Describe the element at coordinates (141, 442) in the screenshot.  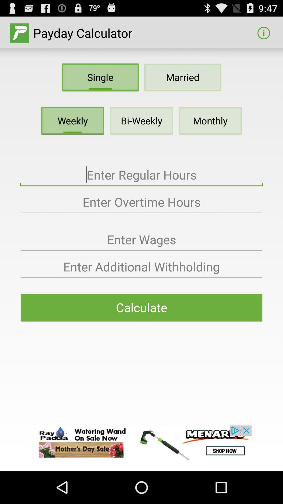
I see `to buy things` at that location.